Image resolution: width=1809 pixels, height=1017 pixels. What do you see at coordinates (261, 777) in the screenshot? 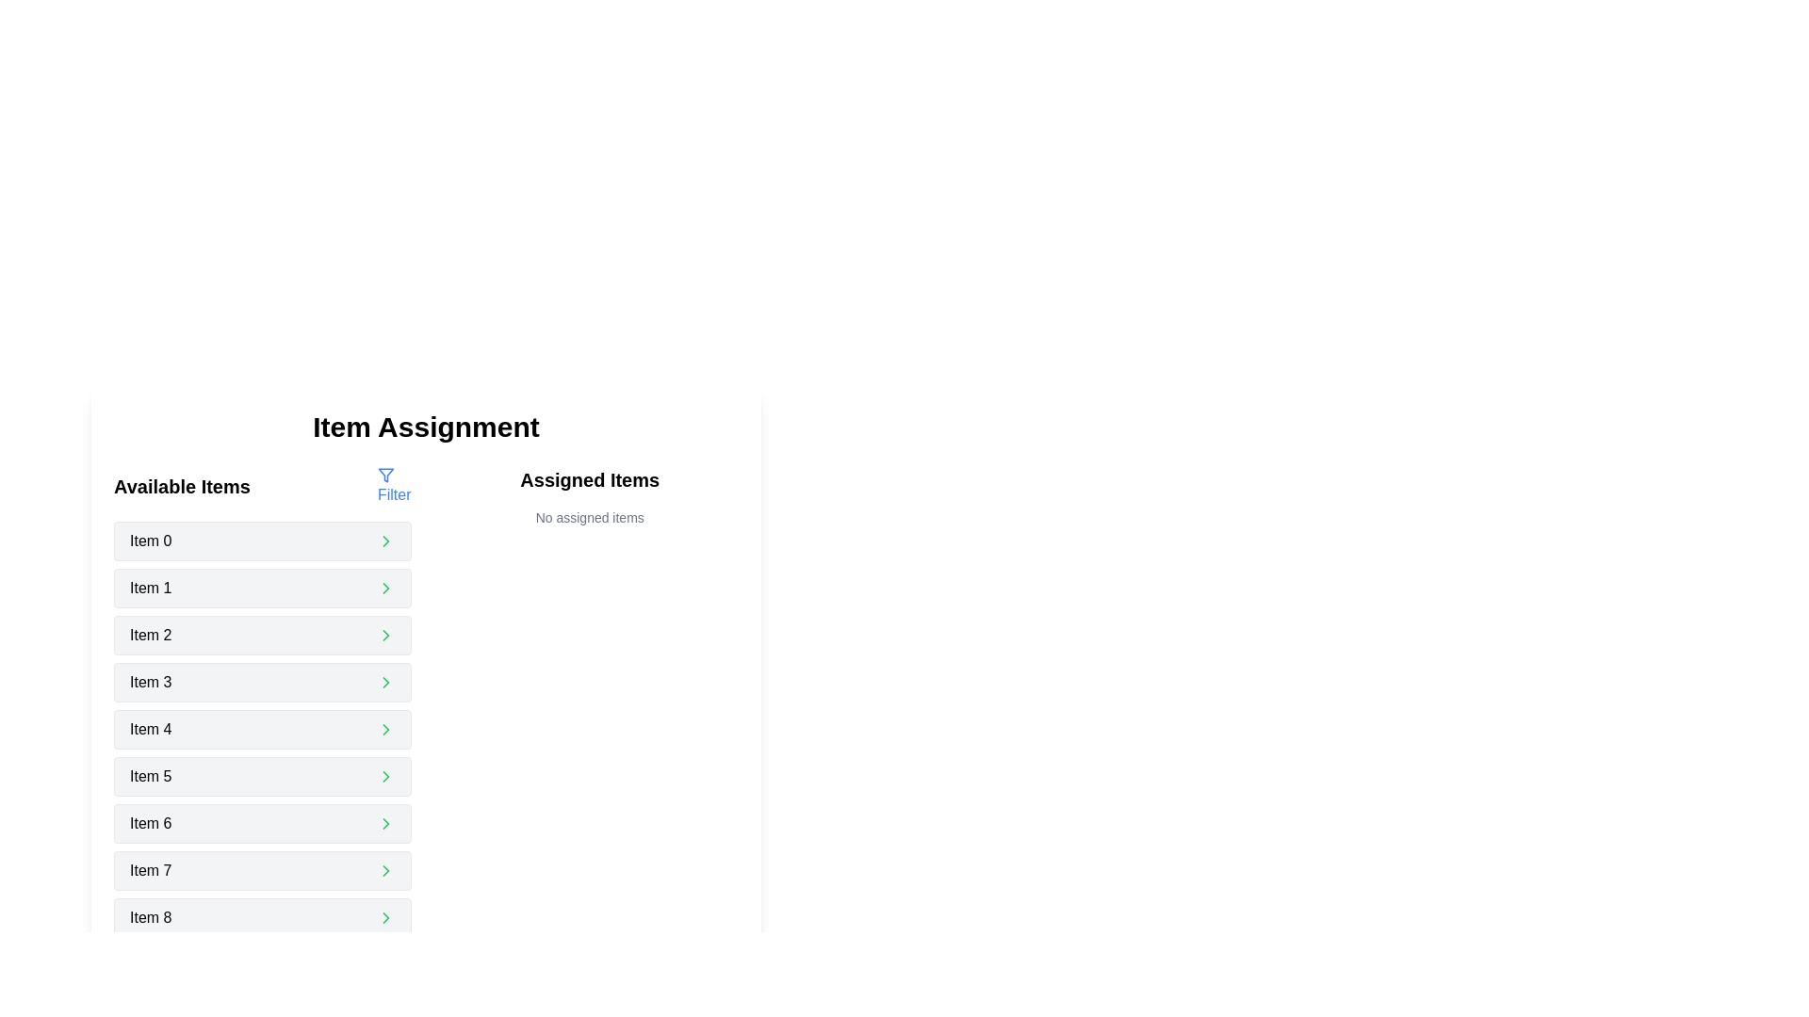
I see `keyboard navigation` at bounding box center [261, 777].